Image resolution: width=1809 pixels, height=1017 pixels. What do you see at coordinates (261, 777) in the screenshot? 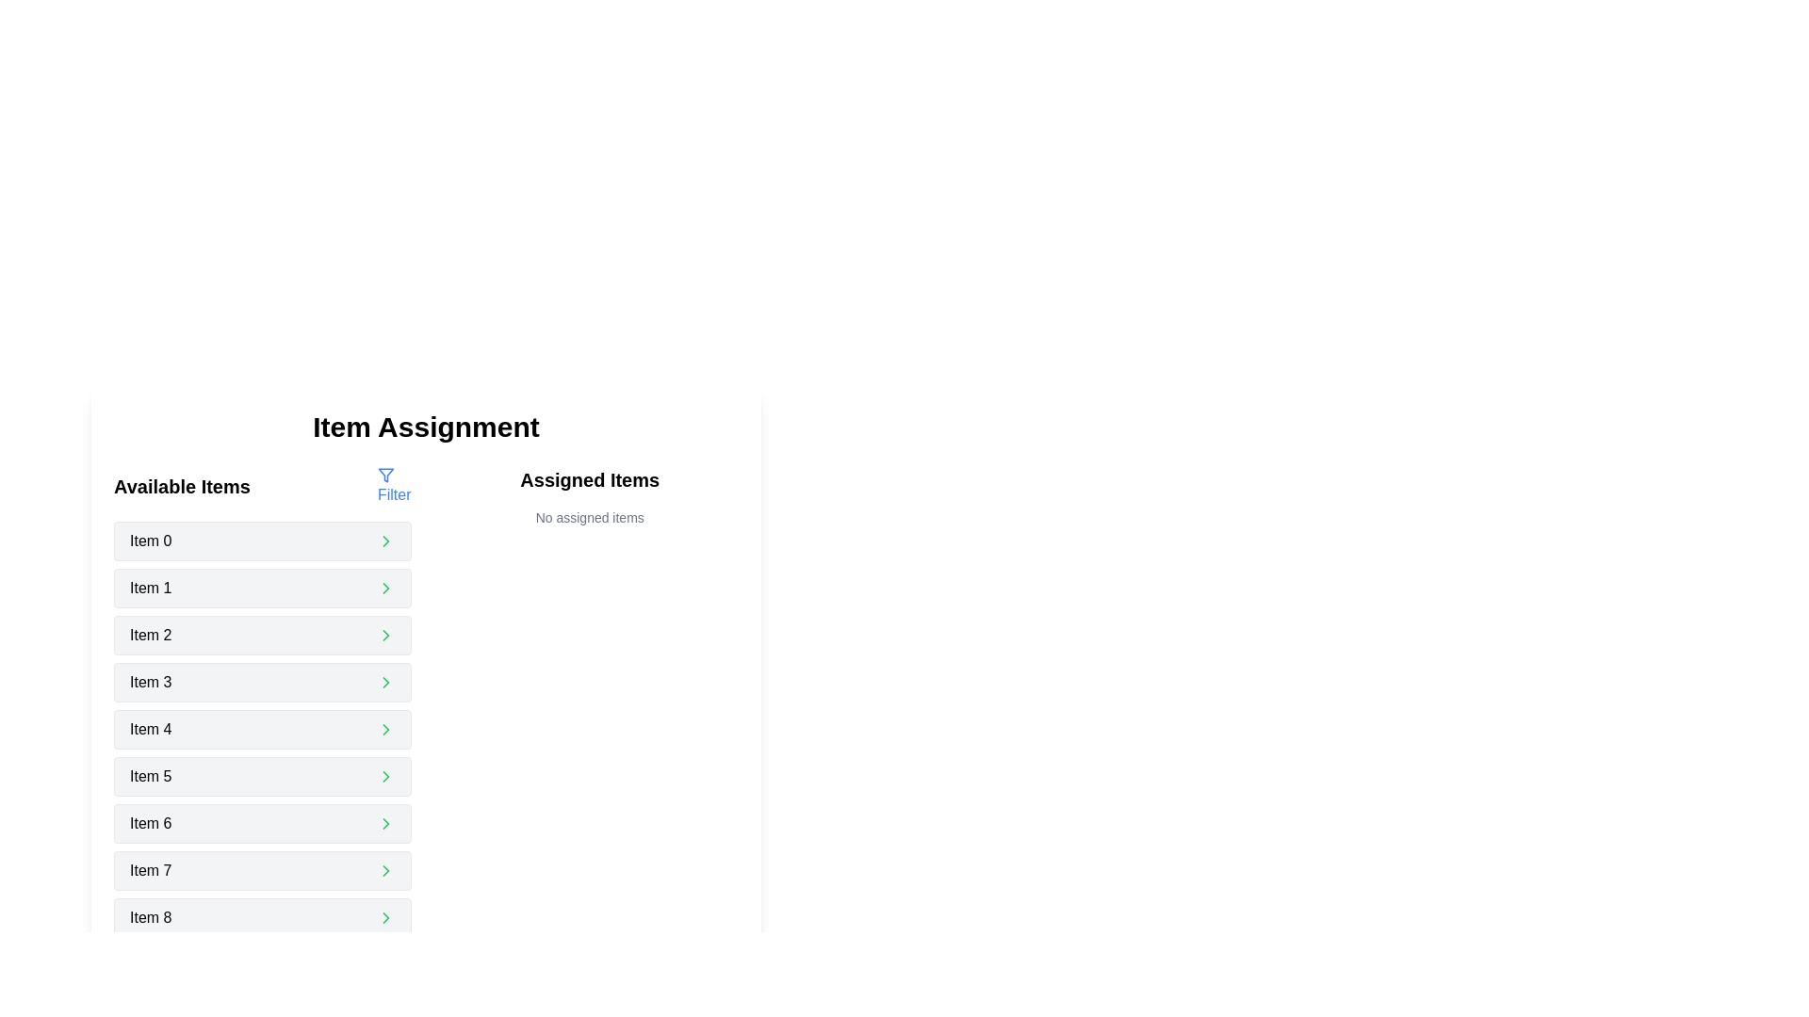
I see `keyboard navigation` at bounding box center [261, 777].